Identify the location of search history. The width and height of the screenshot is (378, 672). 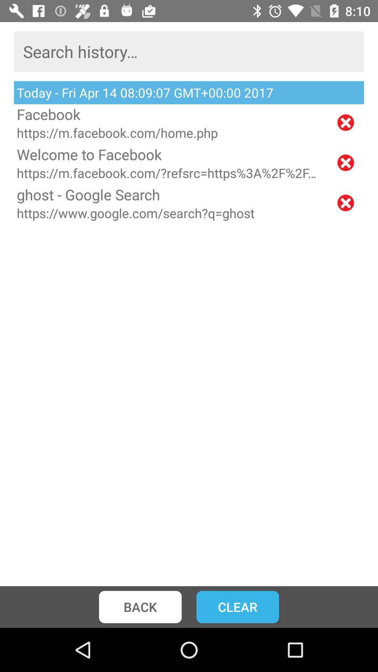
(189, 51).